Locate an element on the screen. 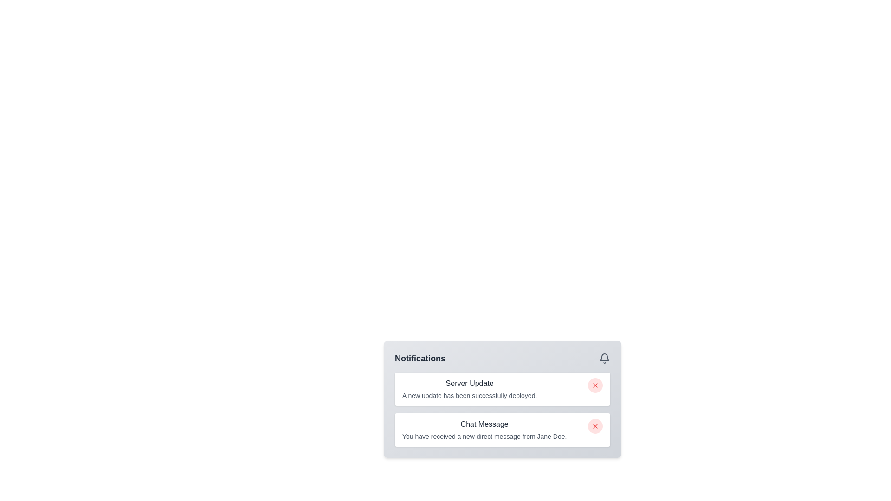 Image resolution: width=891 pixels, height=501 pixels. the 'Chat Message' text label styled in medium gray font, which is located within the second notification box and is positioned above the secondary text is located at coordinates (484, 424).